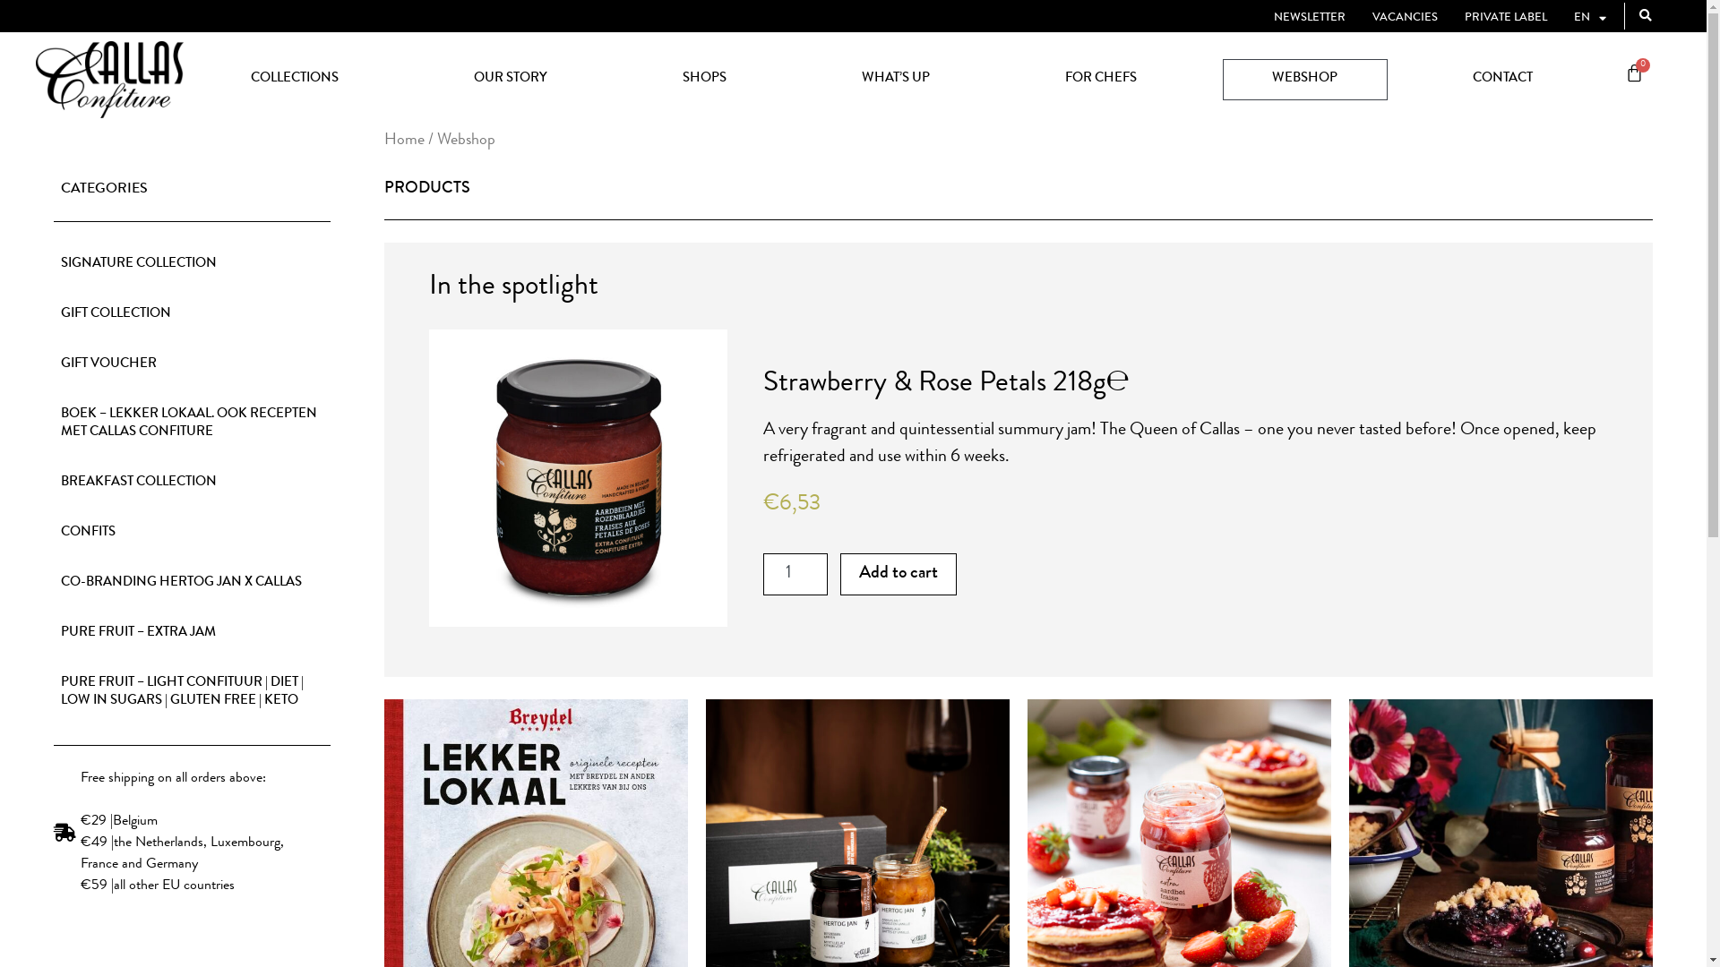  What do you see at coordinates (1604, 74) in the screenshot?
I see `'0'` at bounding box center [1604, 74].